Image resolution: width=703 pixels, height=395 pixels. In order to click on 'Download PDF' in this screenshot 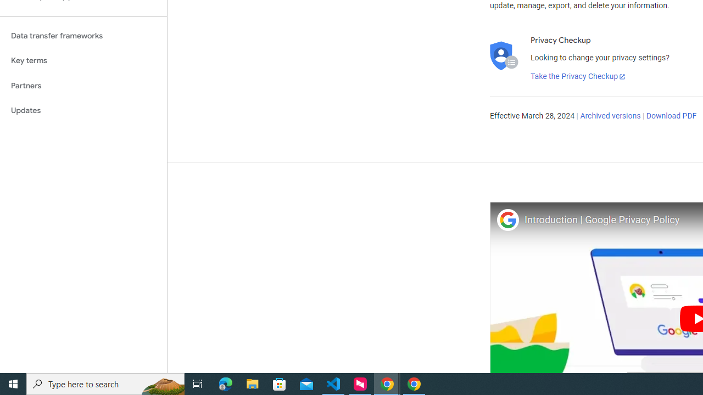, I will do `click(671, 116)`.